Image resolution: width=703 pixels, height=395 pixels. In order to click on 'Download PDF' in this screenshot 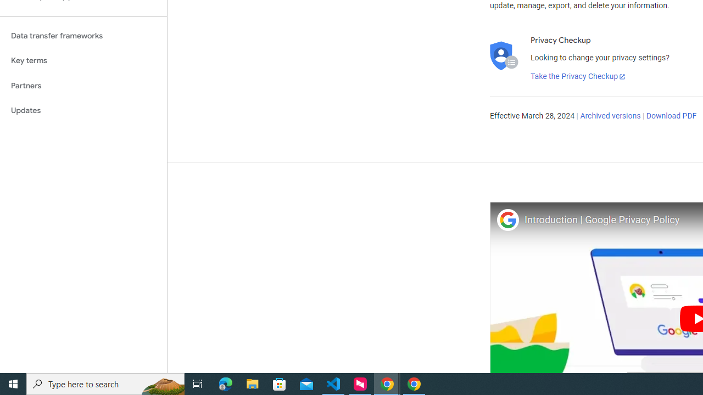, I will do `click(671, 116)`.